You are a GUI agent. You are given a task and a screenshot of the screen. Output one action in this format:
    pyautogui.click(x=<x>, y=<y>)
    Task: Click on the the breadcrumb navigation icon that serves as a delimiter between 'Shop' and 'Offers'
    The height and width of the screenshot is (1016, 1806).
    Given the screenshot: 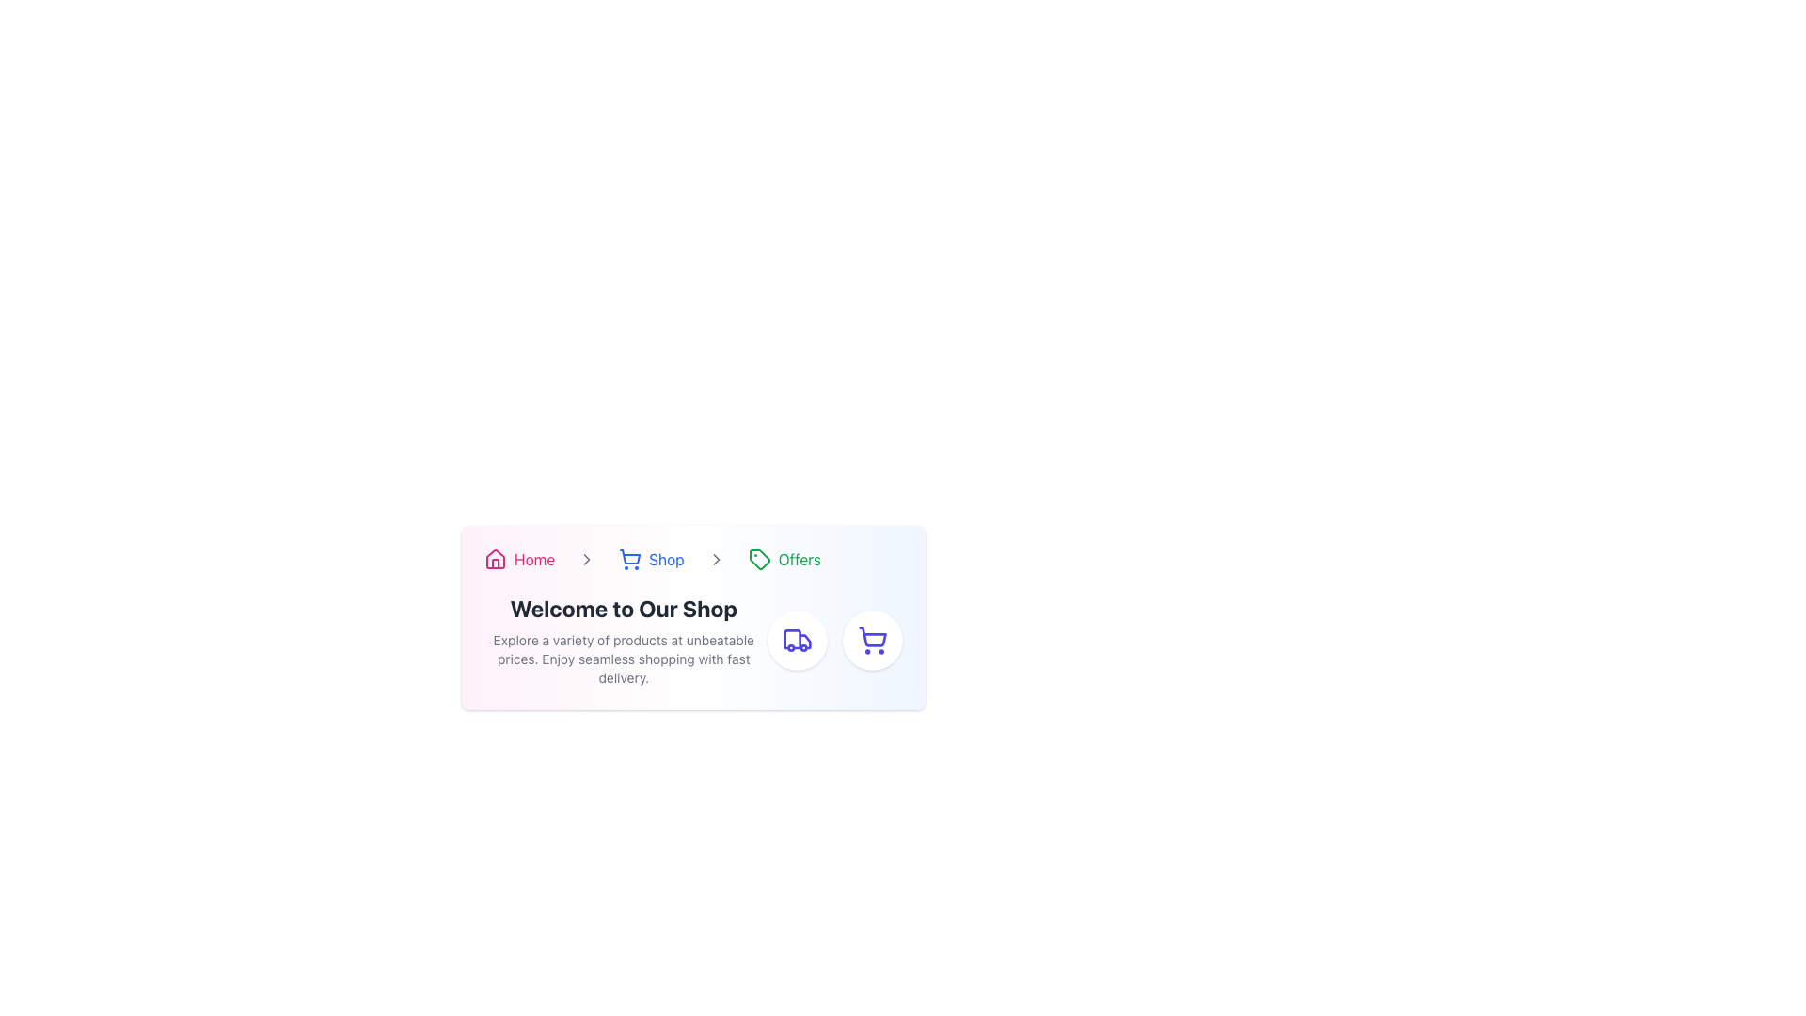 What is the action you would take?
    pyautogui.click(x=715, y=558)
    